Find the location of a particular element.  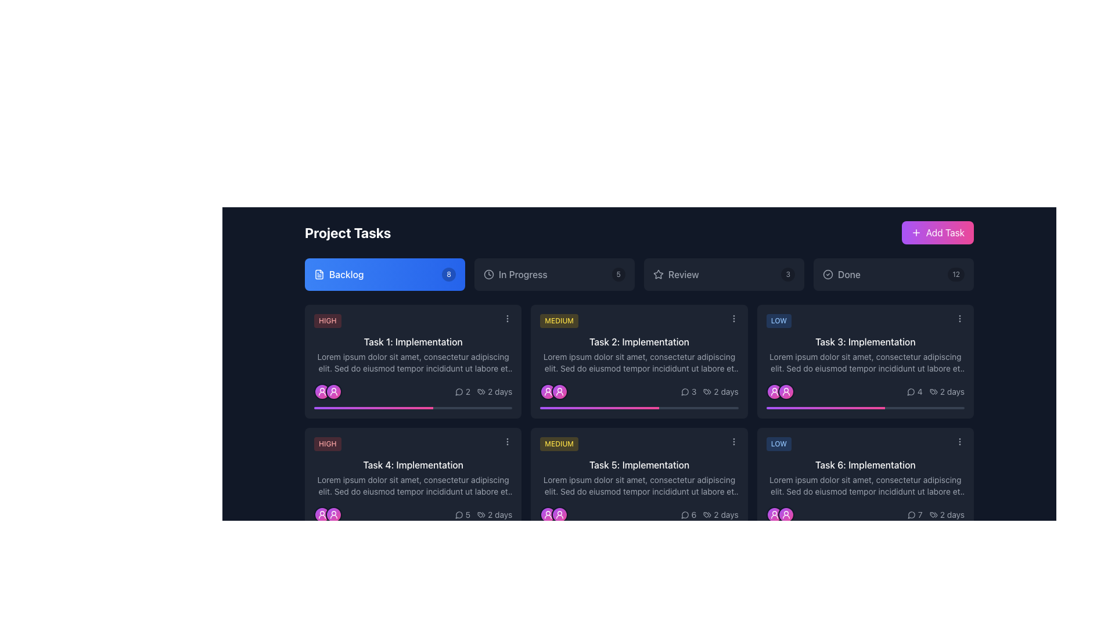

the icon with the numeric label '6' styled in gray, which is positioned within the 'Task 5: Implementation' card, next to the speech bubble icon is located at coordinates (688, 514).